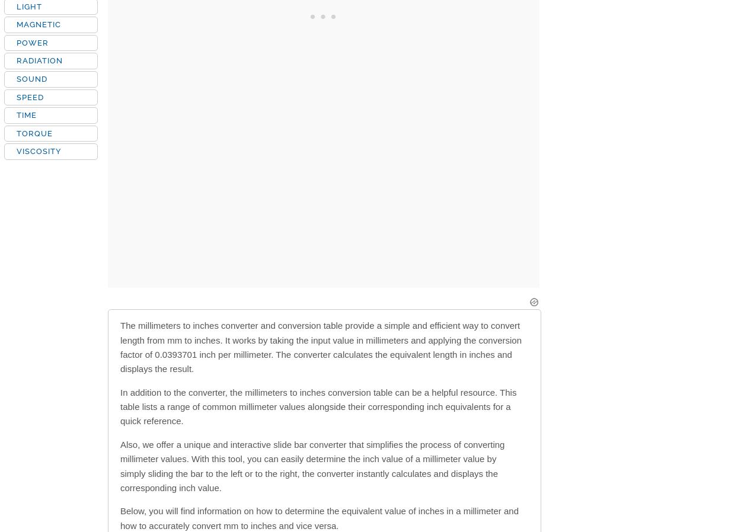  Describe the element at coordinates (320, 518) in the screenshot. I see `'Below, you will find information on how to determine the equivalent value of inches in a millimeter and how to accurately convert mm to inches and vice versa.'` at that location.